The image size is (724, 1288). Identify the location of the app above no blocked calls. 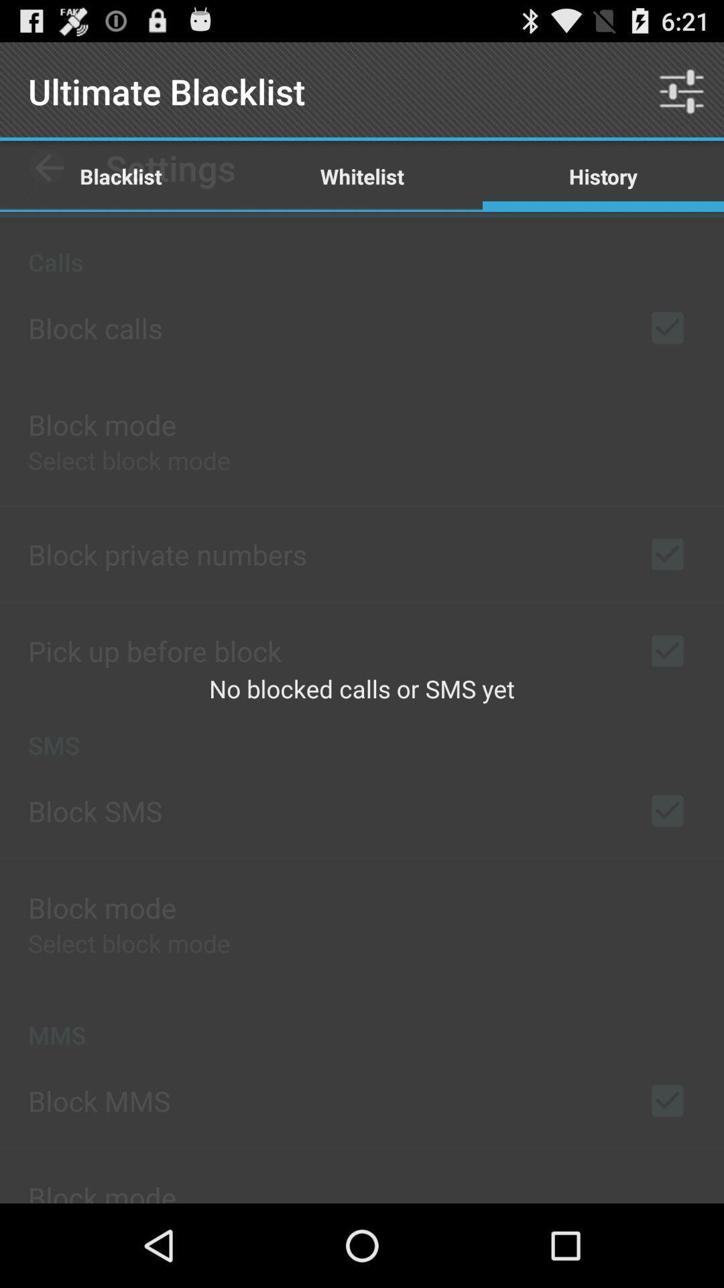
(602, 175).